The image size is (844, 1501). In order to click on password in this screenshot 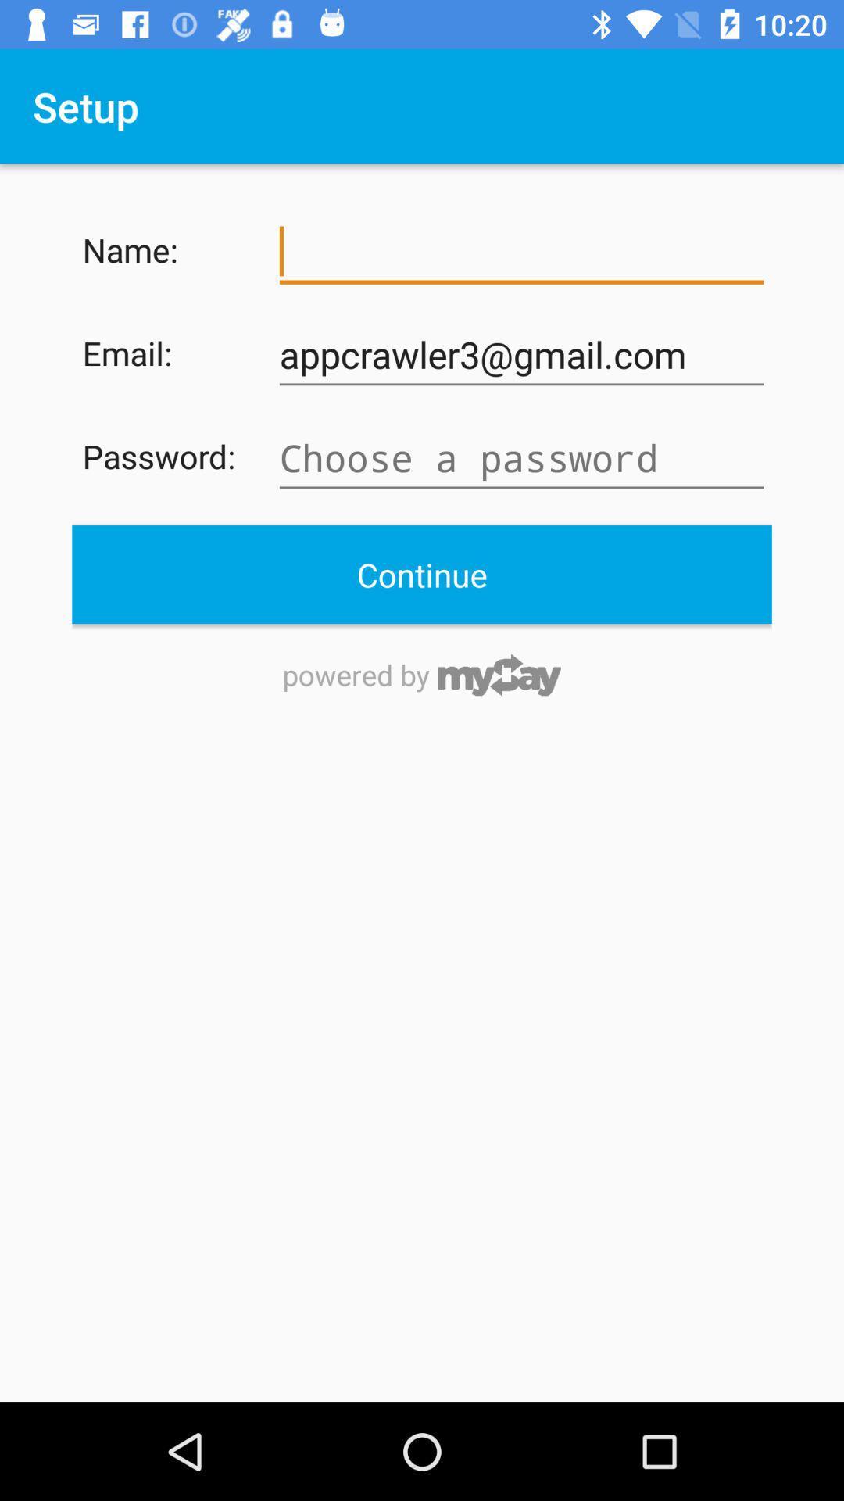, I will do `click(521, 457)`.